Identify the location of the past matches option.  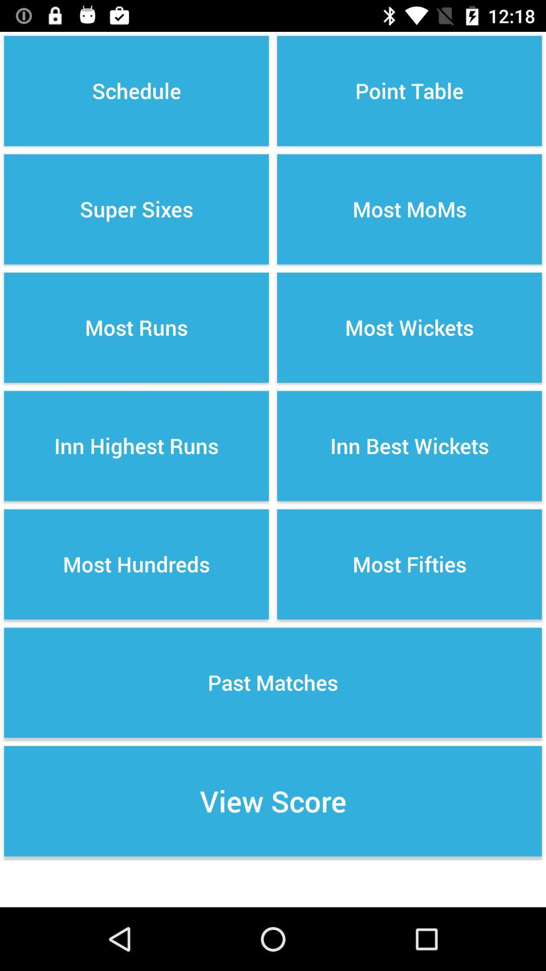
(273, 682).